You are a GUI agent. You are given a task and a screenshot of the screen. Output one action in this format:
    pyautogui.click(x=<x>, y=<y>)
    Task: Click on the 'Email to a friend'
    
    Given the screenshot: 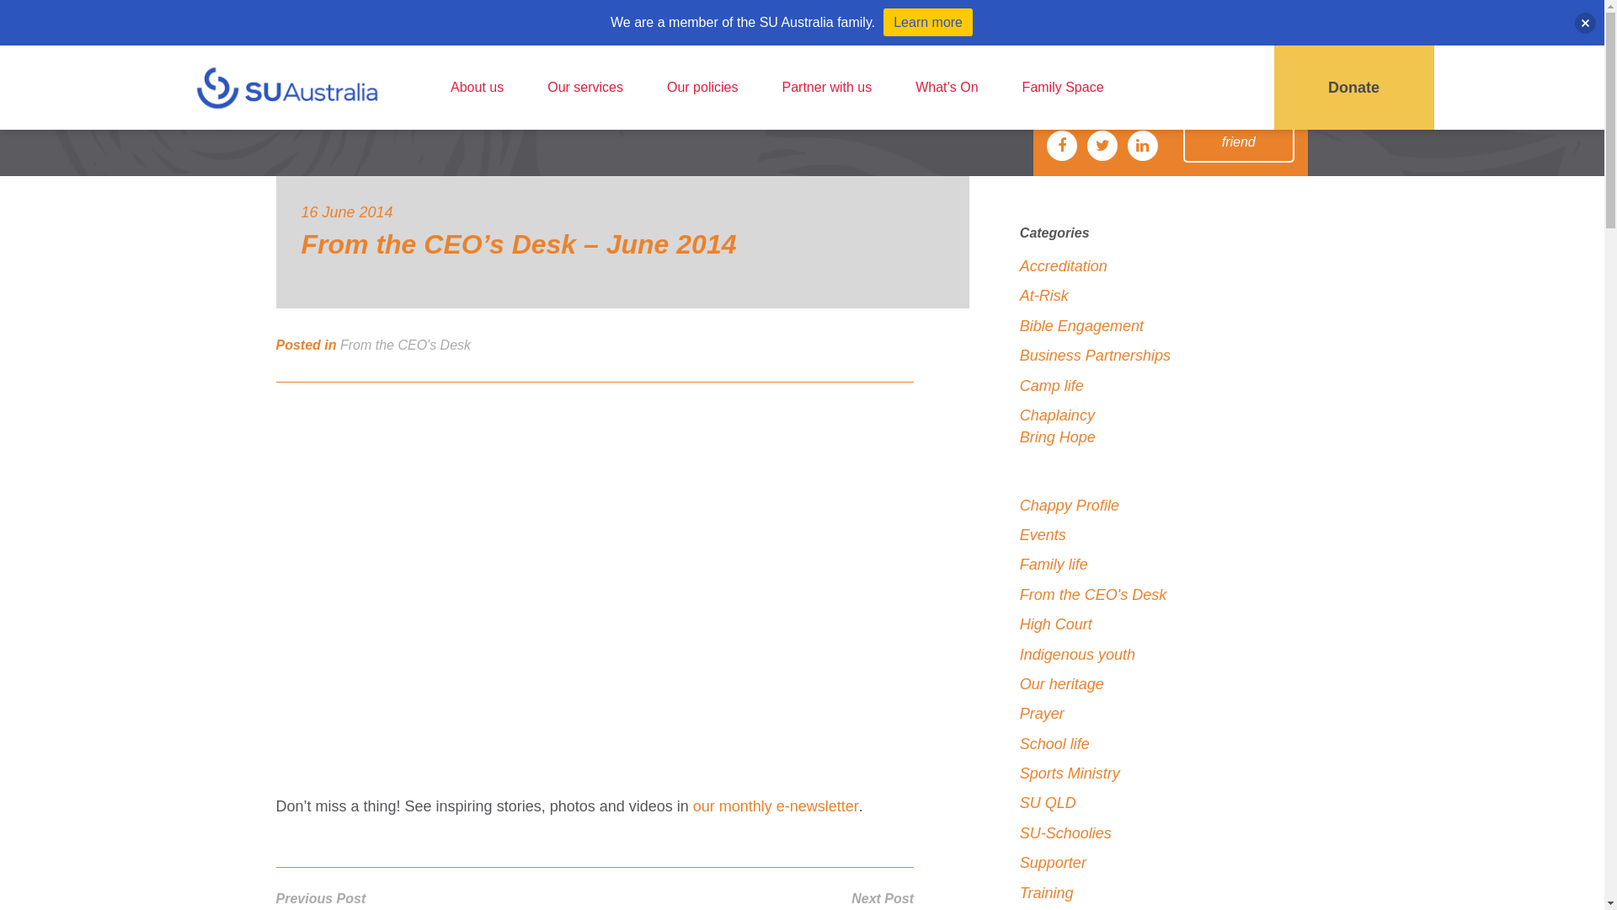 What is the action you would take?
    pyautogui.click(x=1238, y=131)
    